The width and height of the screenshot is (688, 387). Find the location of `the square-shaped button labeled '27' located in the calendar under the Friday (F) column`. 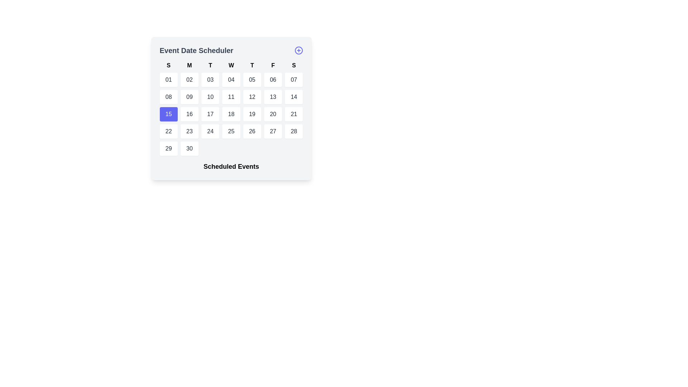

the square-shaped button labeled '27' located in the calendar under the Friday (F) column is located at coordinates (273, 131).